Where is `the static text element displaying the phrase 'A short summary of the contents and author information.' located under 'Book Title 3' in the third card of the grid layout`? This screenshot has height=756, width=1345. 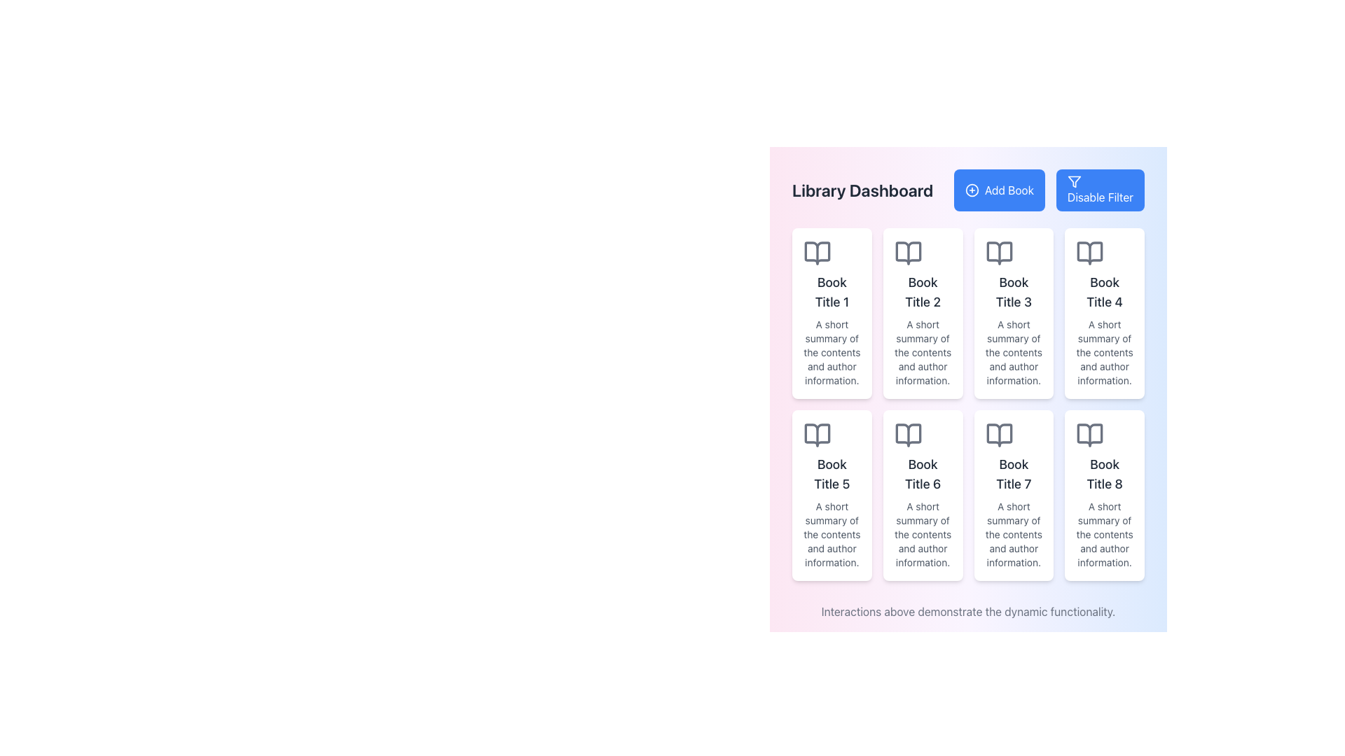
the static text element displaying the phrase 'A short summary of the contents and author information.' located under 'Book Title 3' in the third card of the grid layout is located at coordinates (1014, 352).